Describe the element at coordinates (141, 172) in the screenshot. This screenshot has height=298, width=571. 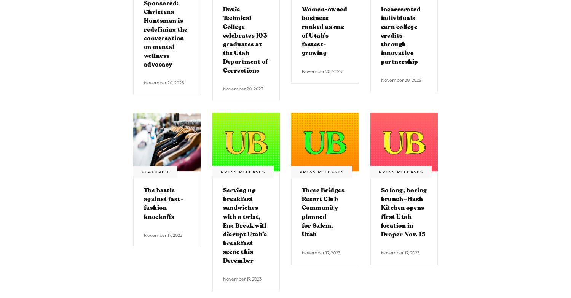
I see `'Featured'` at that location.